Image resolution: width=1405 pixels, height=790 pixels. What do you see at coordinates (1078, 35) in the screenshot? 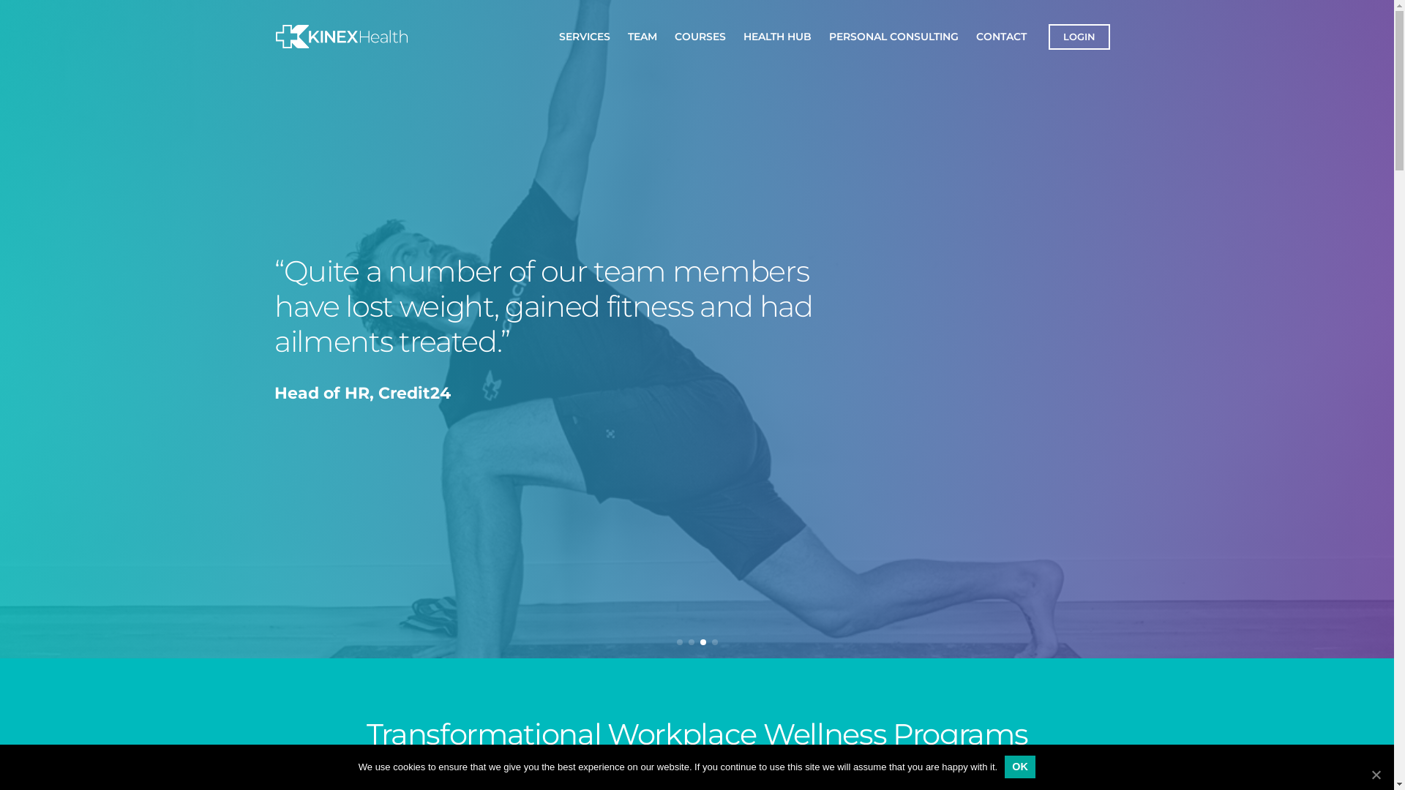
I see `'LOGIN'` at bounding box center [1078, 35].